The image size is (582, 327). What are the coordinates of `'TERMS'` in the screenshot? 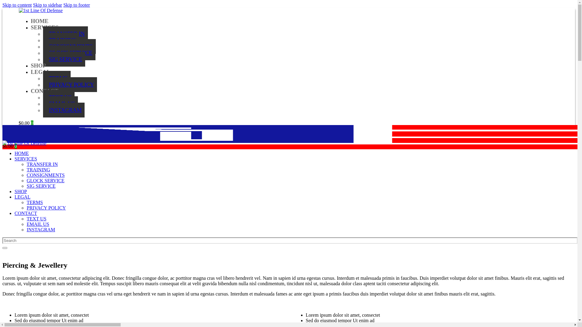 It's located at (34, 202).